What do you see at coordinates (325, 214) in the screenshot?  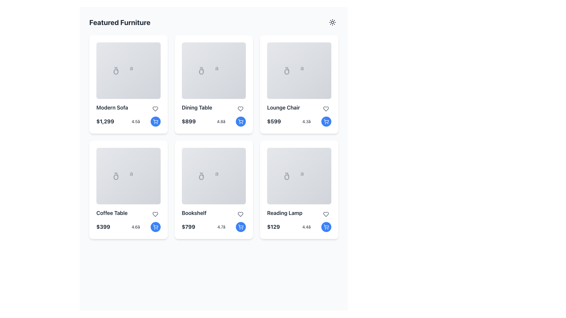 I see `the heart icon located at the top-right corner of the 'Reading Lamp' product card to mark it as a favorite` at bounding box center [325, 214].